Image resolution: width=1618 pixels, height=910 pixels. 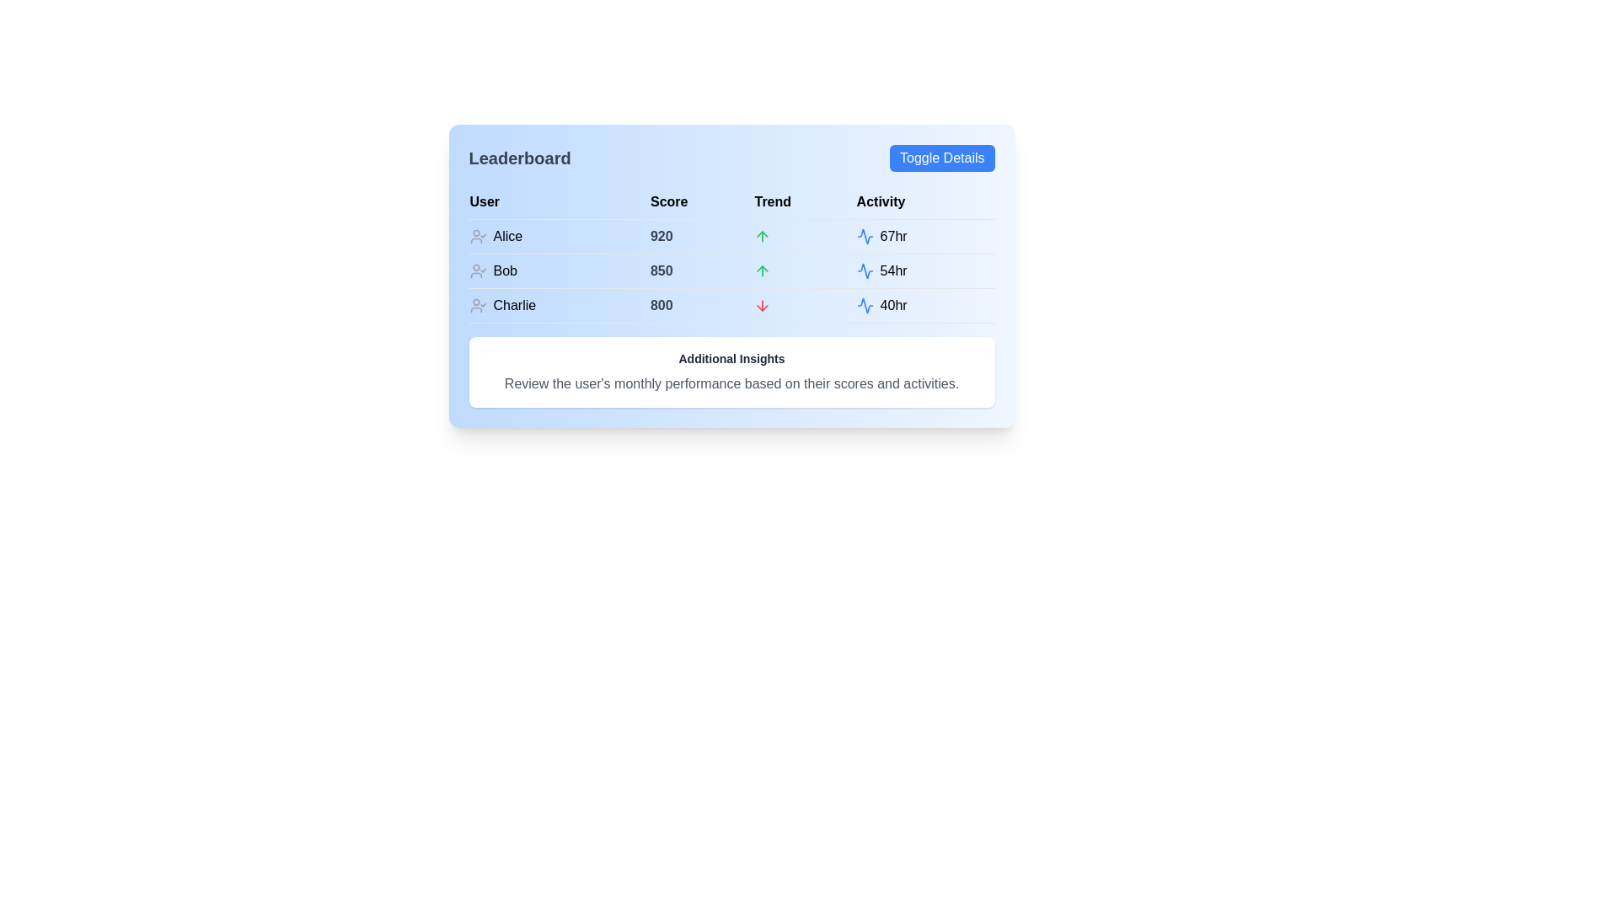 I want to click on the graphical icon (SVG) representing the activity metric for the user 'Bob' in the leaderboard table, so click(x=865, y=270).